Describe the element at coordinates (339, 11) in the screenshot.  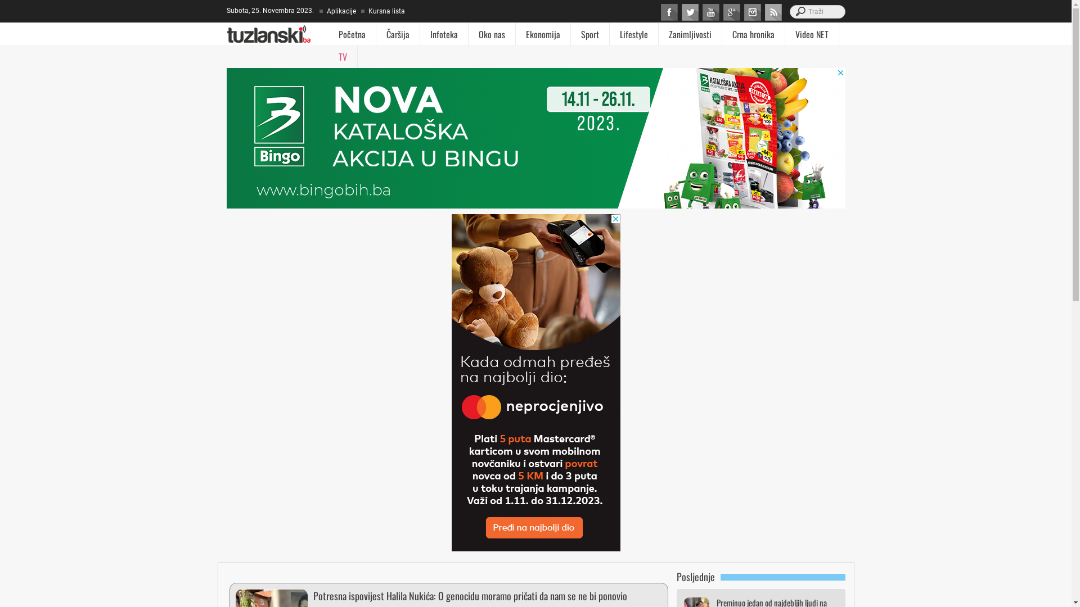
I see `'Aplikacije'` at that location.